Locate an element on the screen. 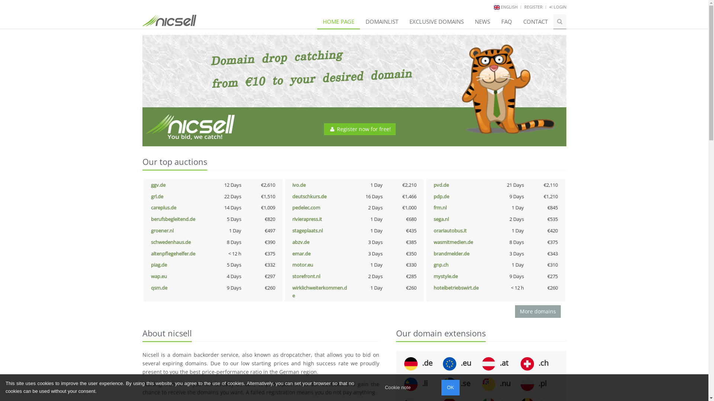 The image size is (714, 401). 'FAQ' is located at coordinates (495, 21).